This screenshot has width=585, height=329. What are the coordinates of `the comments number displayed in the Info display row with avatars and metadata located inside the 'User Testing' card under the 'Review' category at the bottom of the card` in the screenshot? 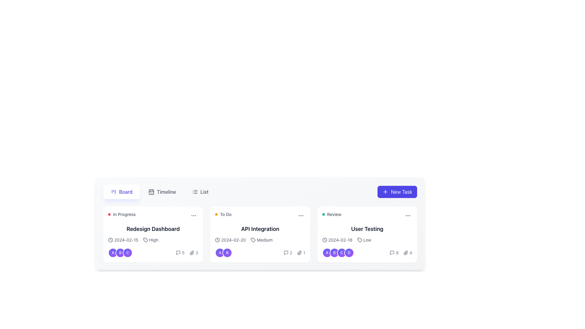 It's located at (367, 253).